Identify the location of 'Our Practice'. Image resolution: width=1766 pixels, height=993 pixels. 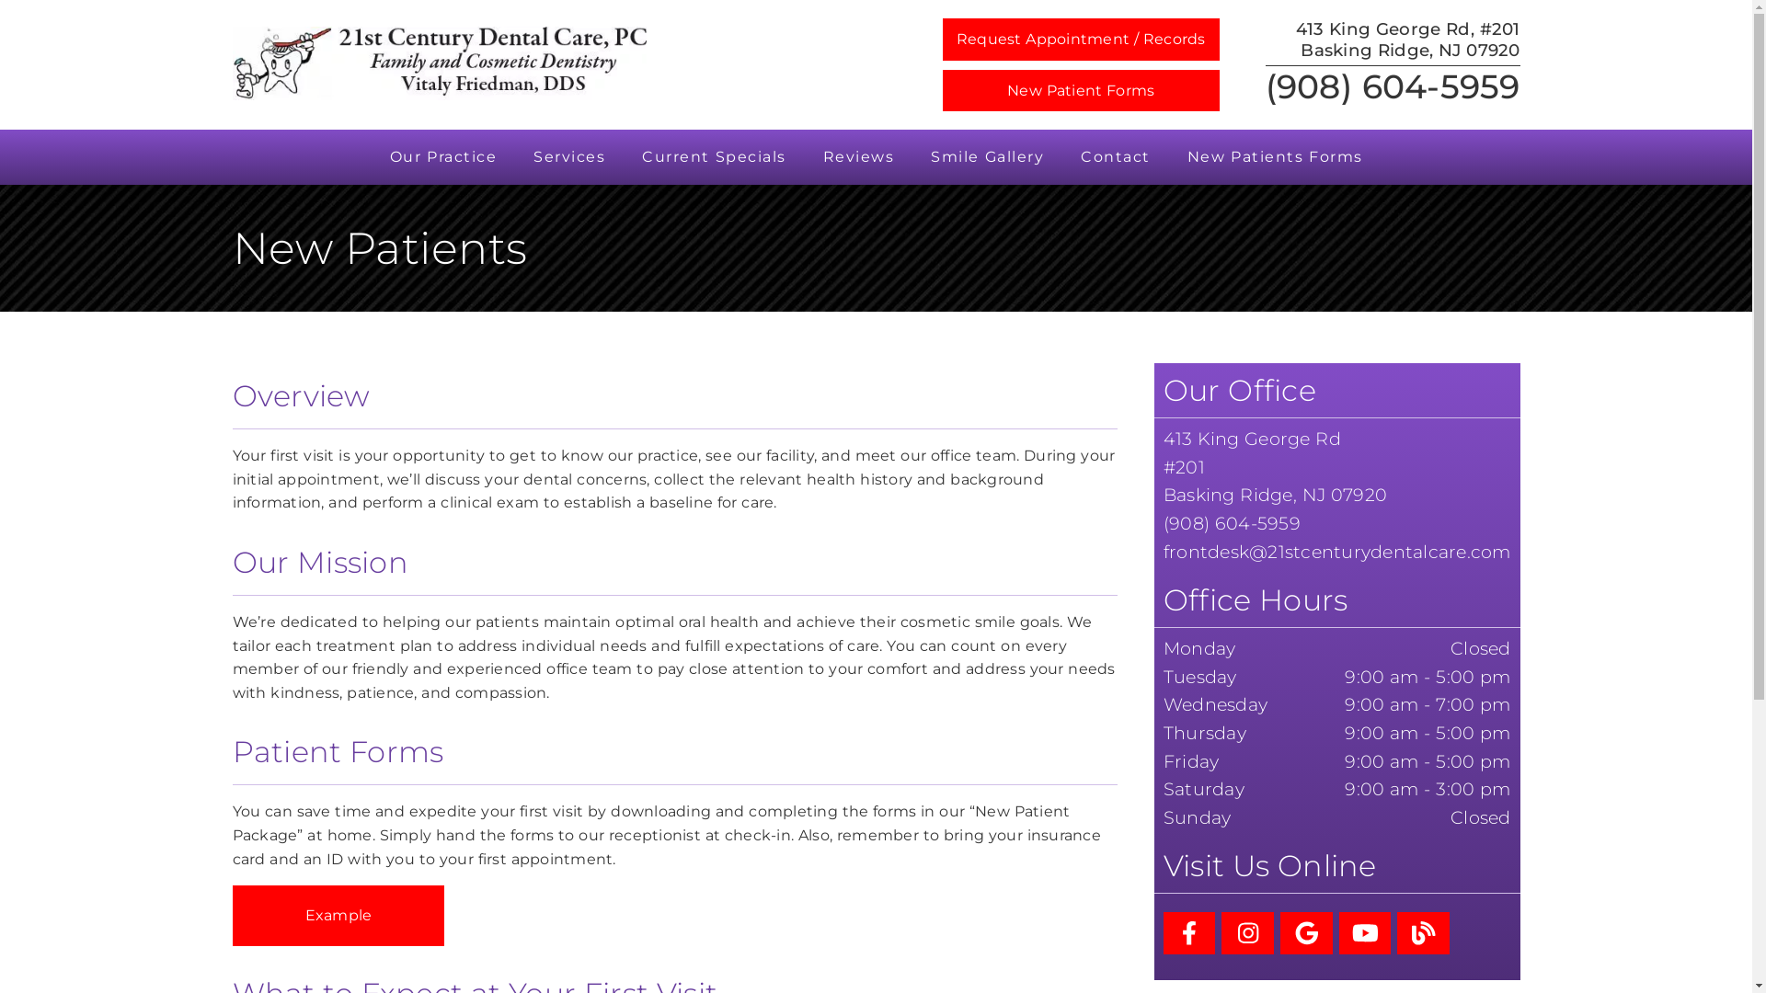
(443, 155).